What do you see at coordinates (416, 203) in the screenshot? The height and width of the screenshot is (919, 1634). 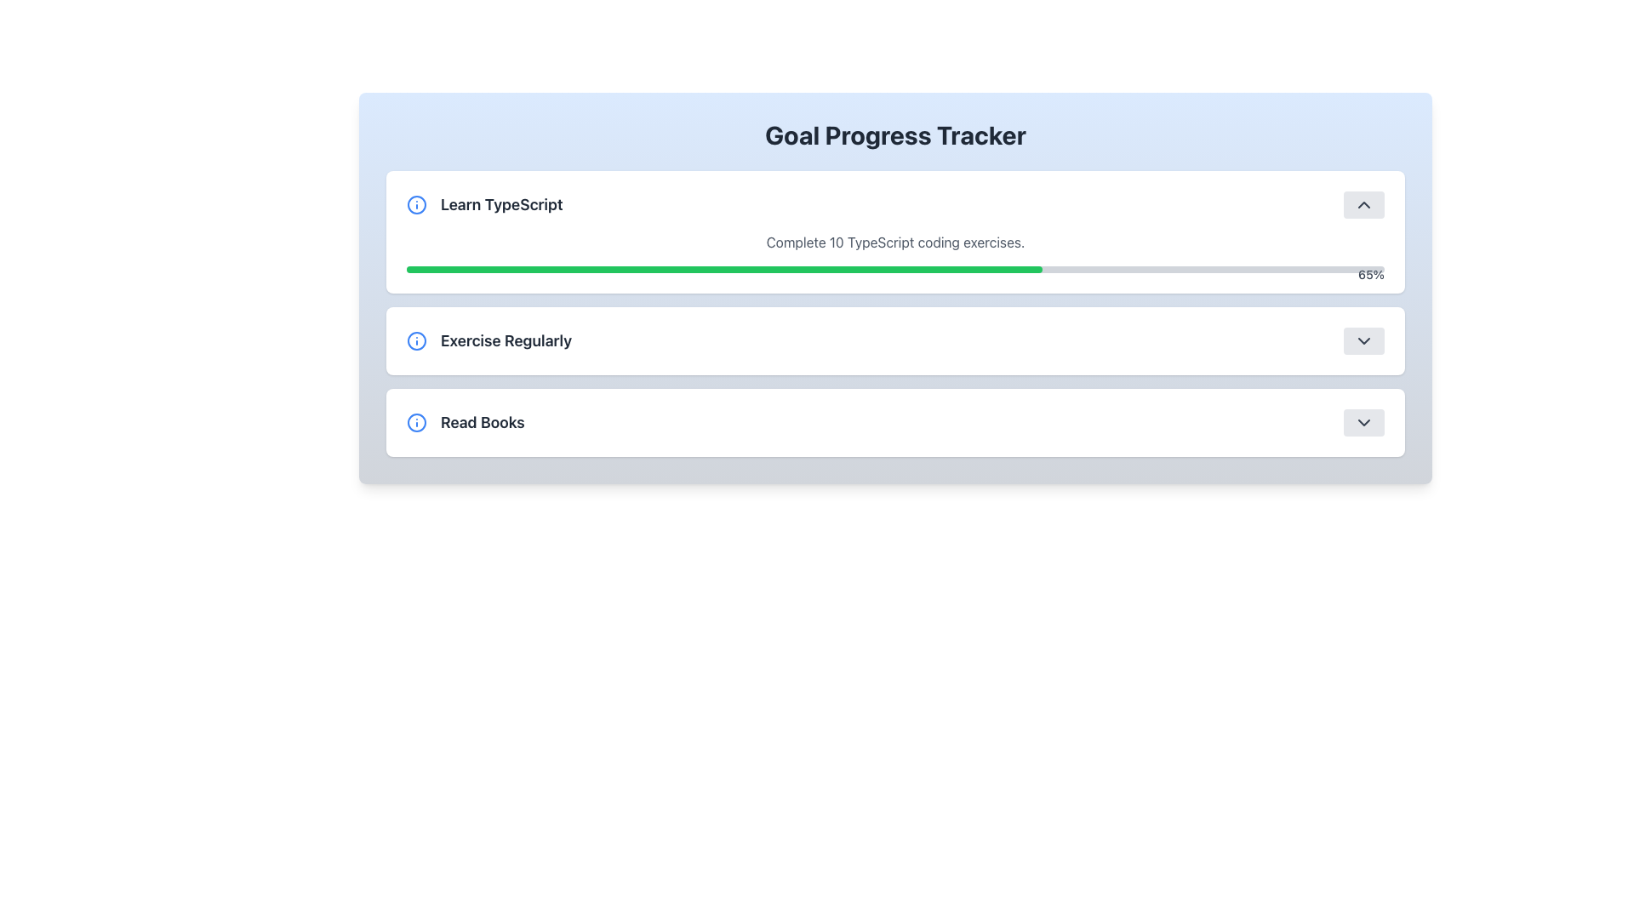 I see `the informational or help icon located to the left of the 'Learn TypeScript' text` at bounding box center [416, 203].